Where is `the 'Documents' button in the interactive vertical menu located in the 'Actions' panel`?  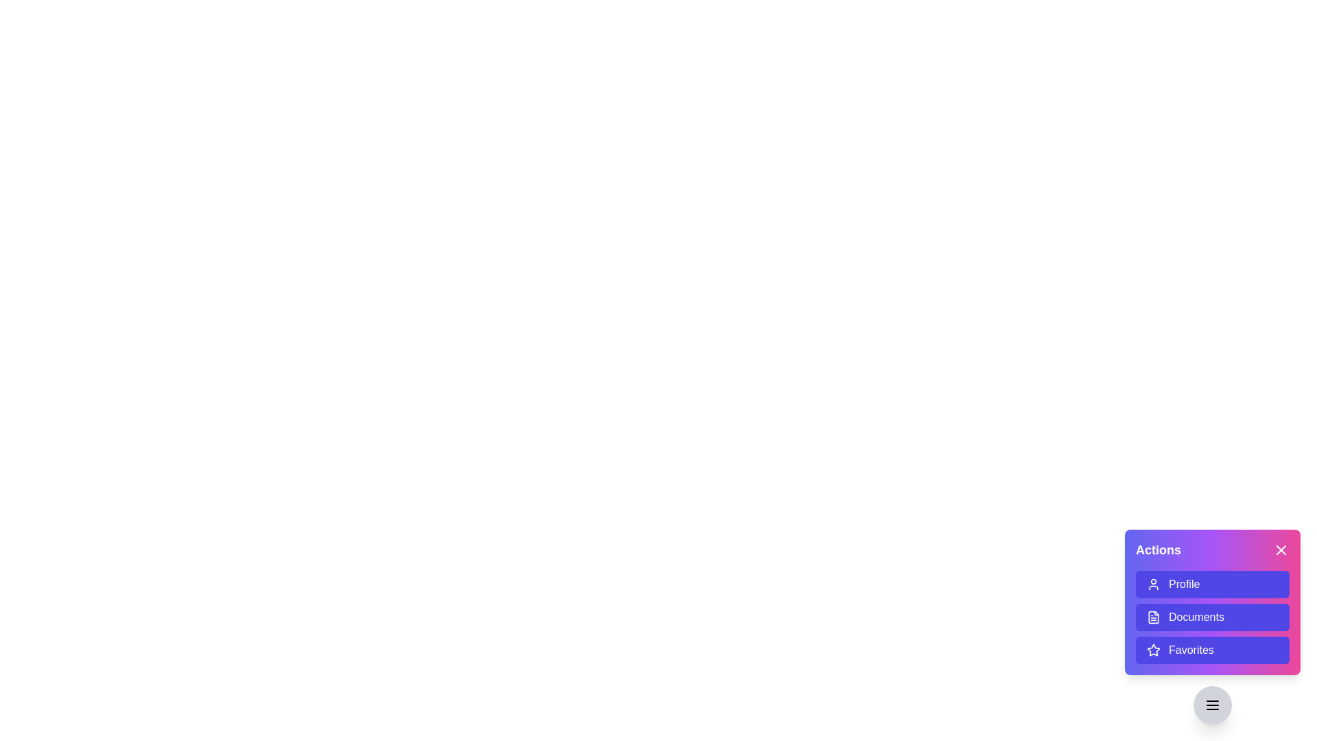 the 'Documents' button in the interactive vertical menu located in the 'Actions' panel is located at coordinates (1212, 616).